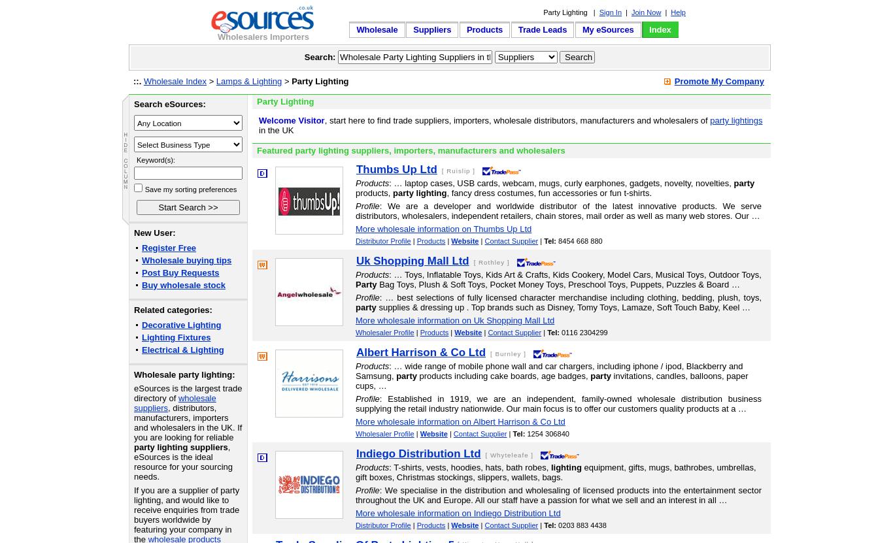 This screenshot has height=543, width=893. What do you see at coordinates (262, 36) in the screenshot?
I see `'Wholesalers Importers'` at bounding box center [262, 36].